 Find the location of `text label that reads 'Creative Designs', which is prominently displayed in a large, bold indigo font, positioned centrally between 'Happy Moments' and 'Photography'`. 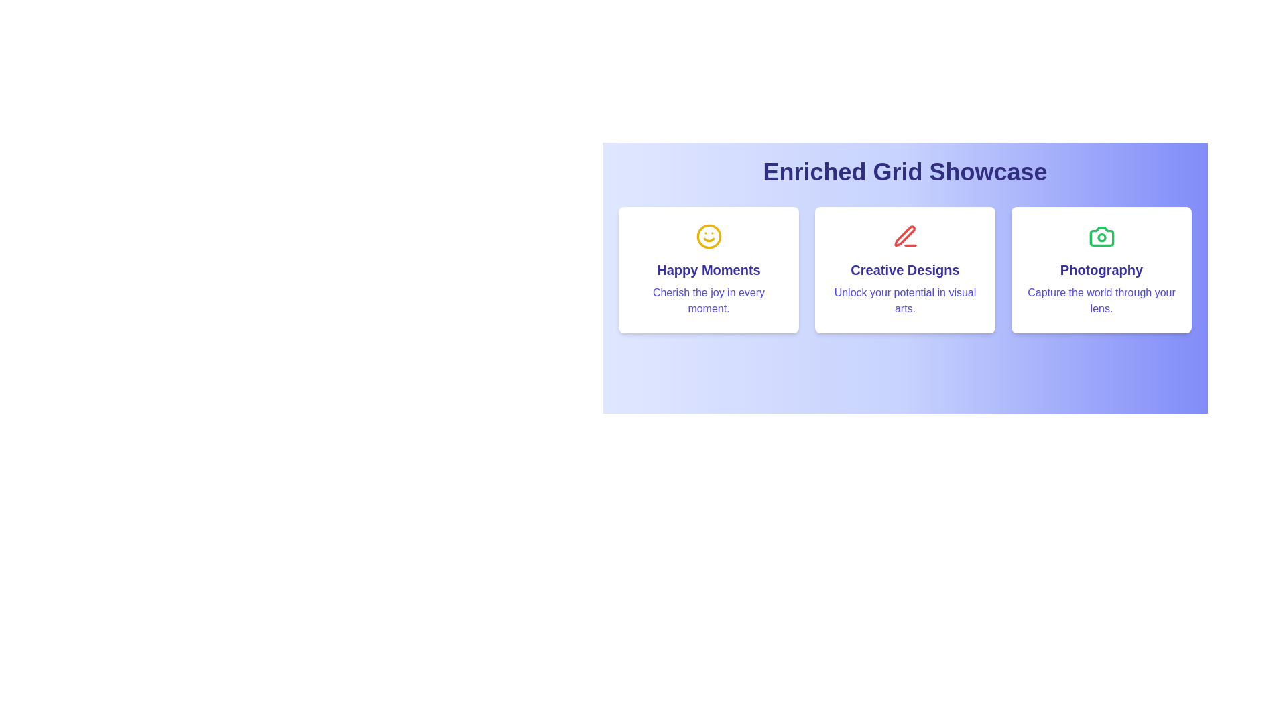

text label that reads 'Creative Designs', which is prominently displayed in a large, bold indigo font, positioned centrally between 'Happy Moments' and 'Photography' is located at coordinates (905, 269).